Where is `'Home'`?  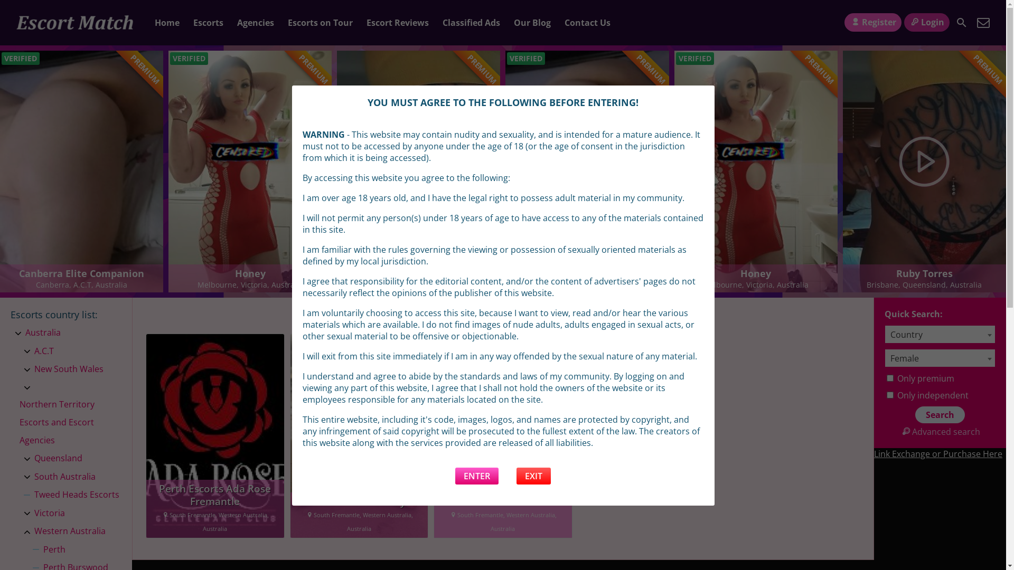
'Home' is located at coordinates (166, 23).